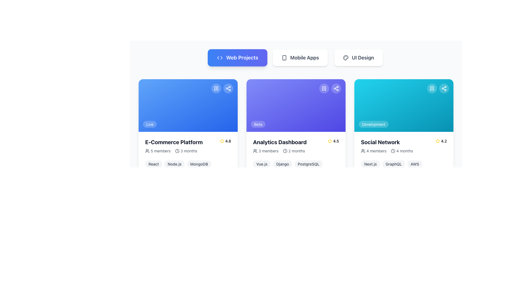  I want to click on the 'Next.js' label in the 'Social Network' card, so click(370, 164).